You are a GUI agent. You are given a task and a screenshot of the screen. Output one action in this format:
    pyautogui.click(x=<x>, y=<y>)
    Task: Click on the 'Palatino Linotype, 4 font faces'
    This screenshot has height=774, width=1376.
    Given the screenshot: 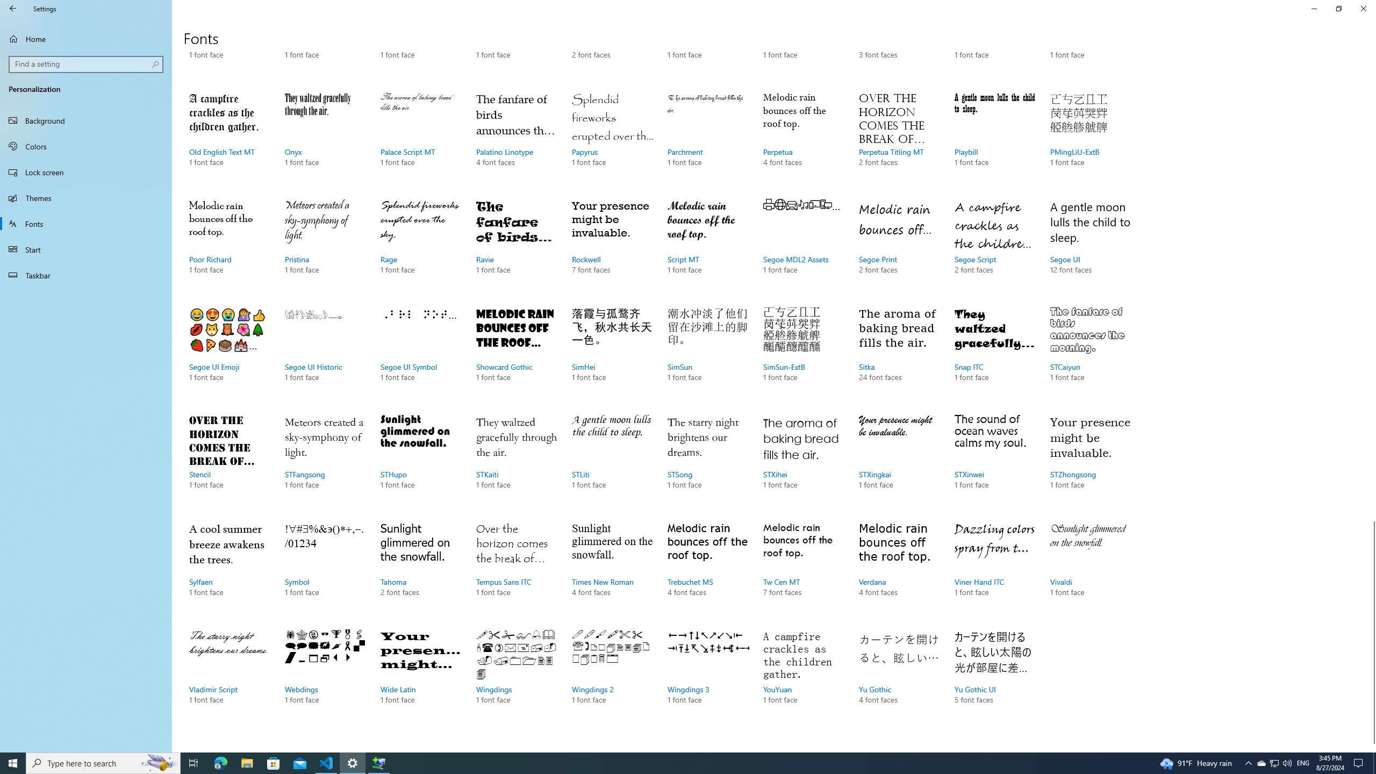 What is the action you would take?
    pyautogui.click(x=515, y=140)
    